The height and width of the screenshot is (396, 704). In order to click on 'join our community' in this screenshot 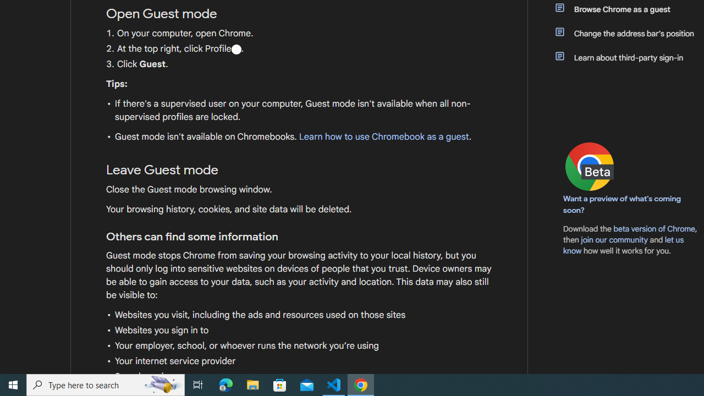, I will do `click(613, 239)`.